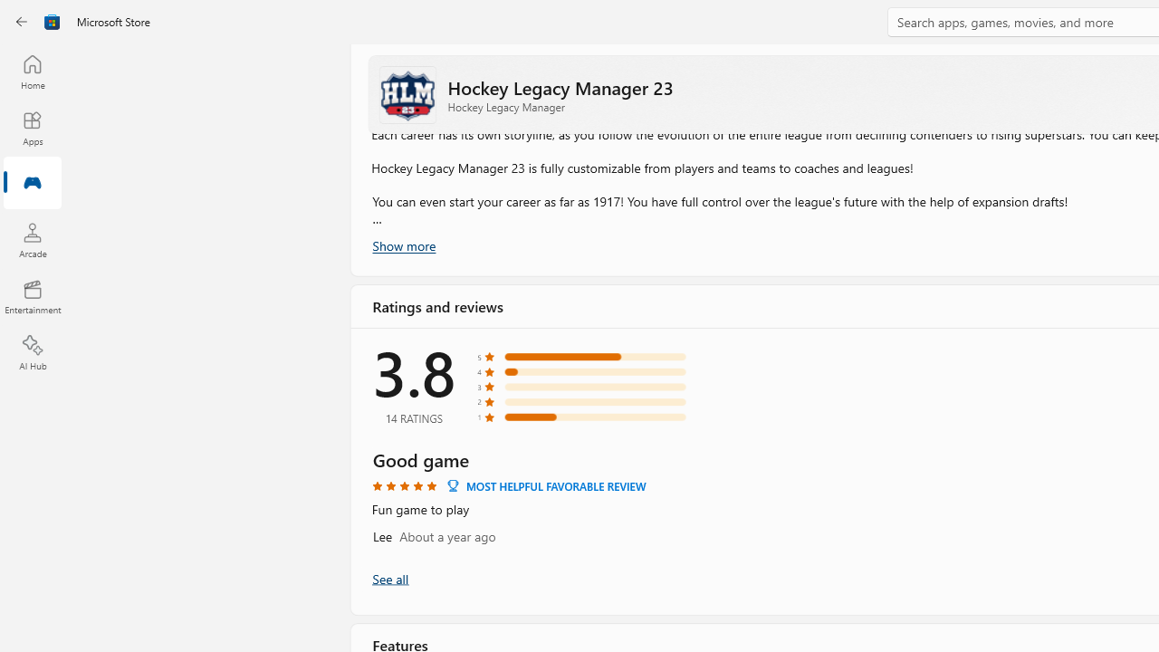  Describe the element at coordinates (32, 239) in the screenshot. I see `'Arcade'` at that location.